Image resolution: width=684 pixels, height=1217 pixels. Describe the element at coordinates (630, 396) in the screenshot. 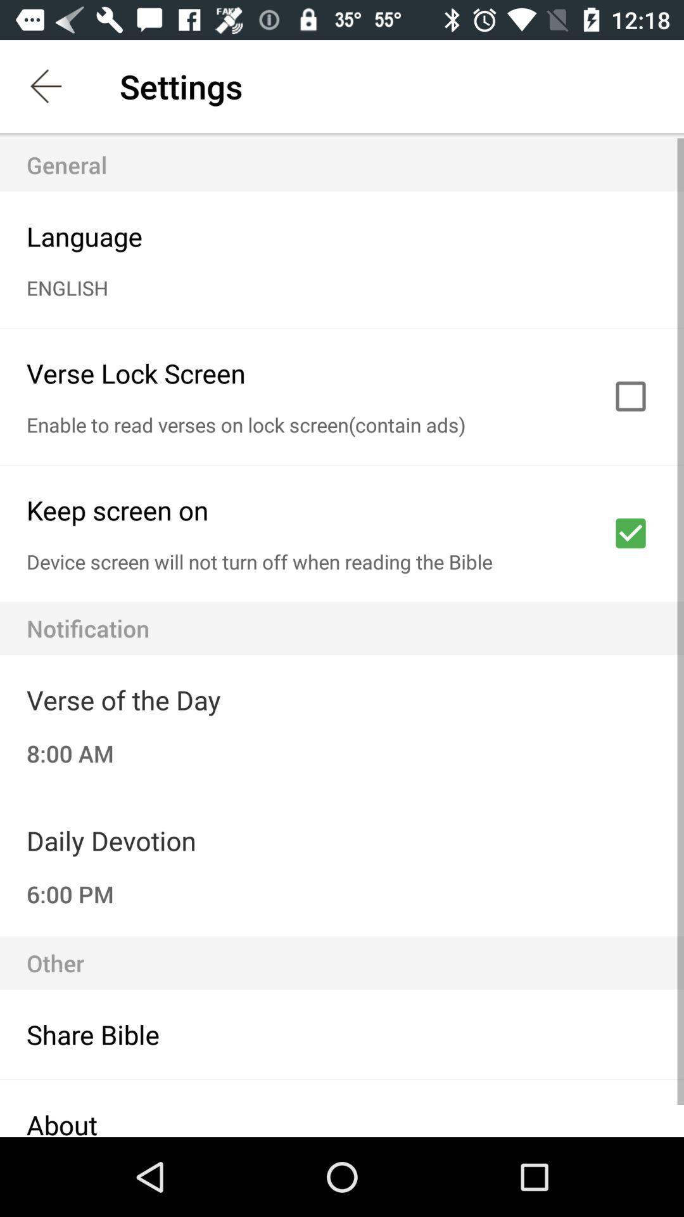

I see `check on verse lock screen option box` at that location.